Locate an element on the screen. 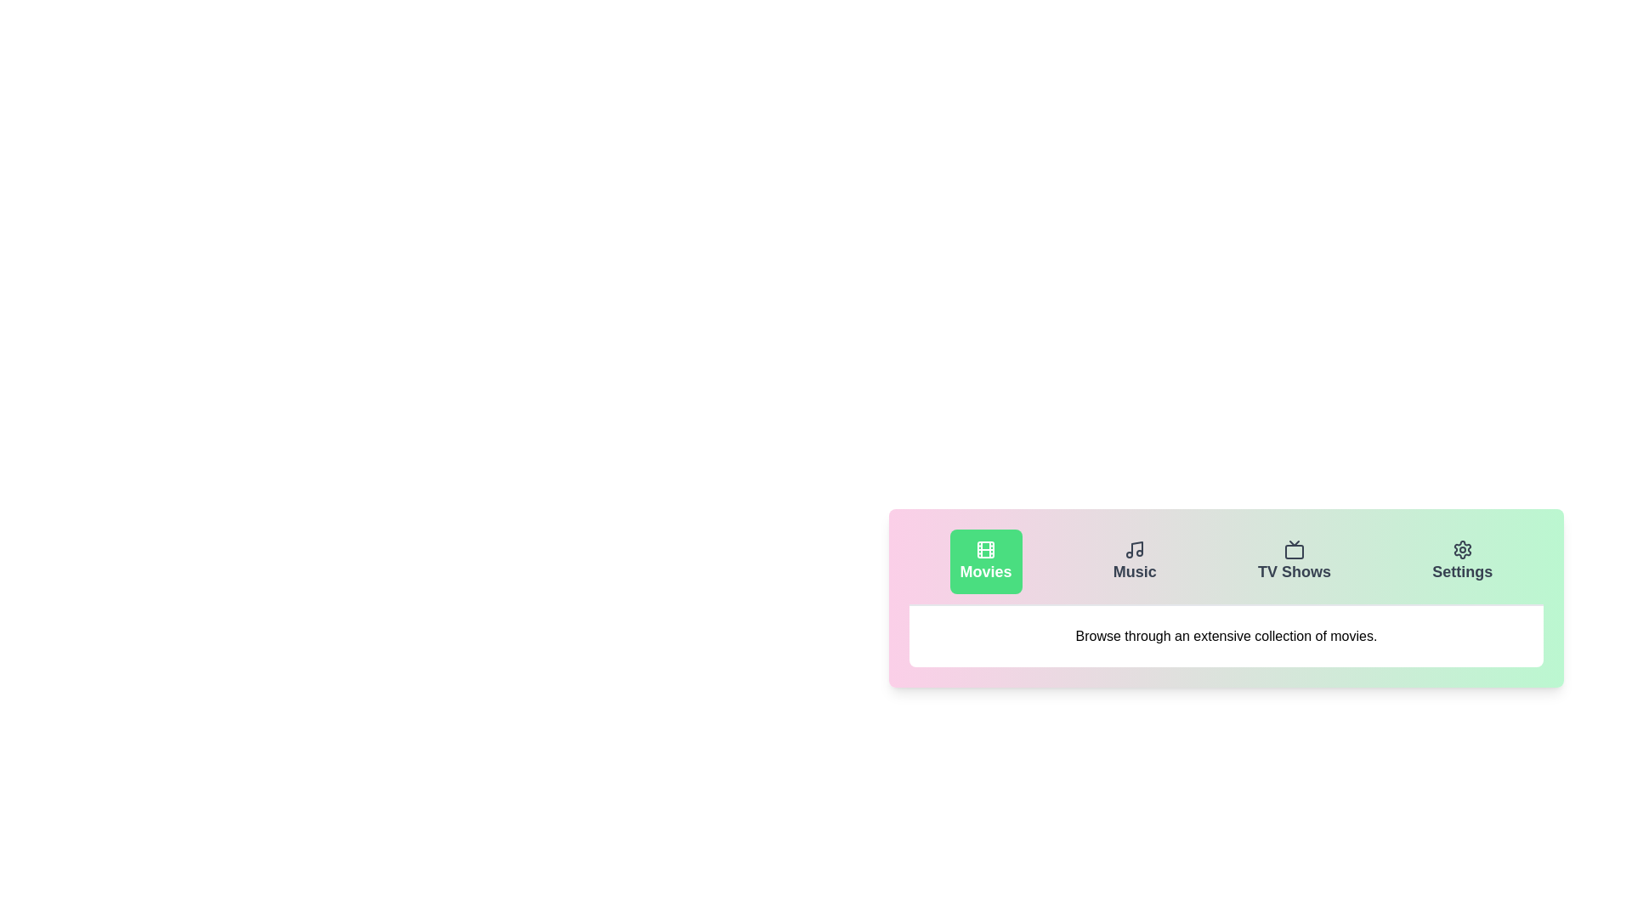 The height and width of the screenshot is (918, 1632). the Movies tab to switch to its content is located at coordinates (986, 561).